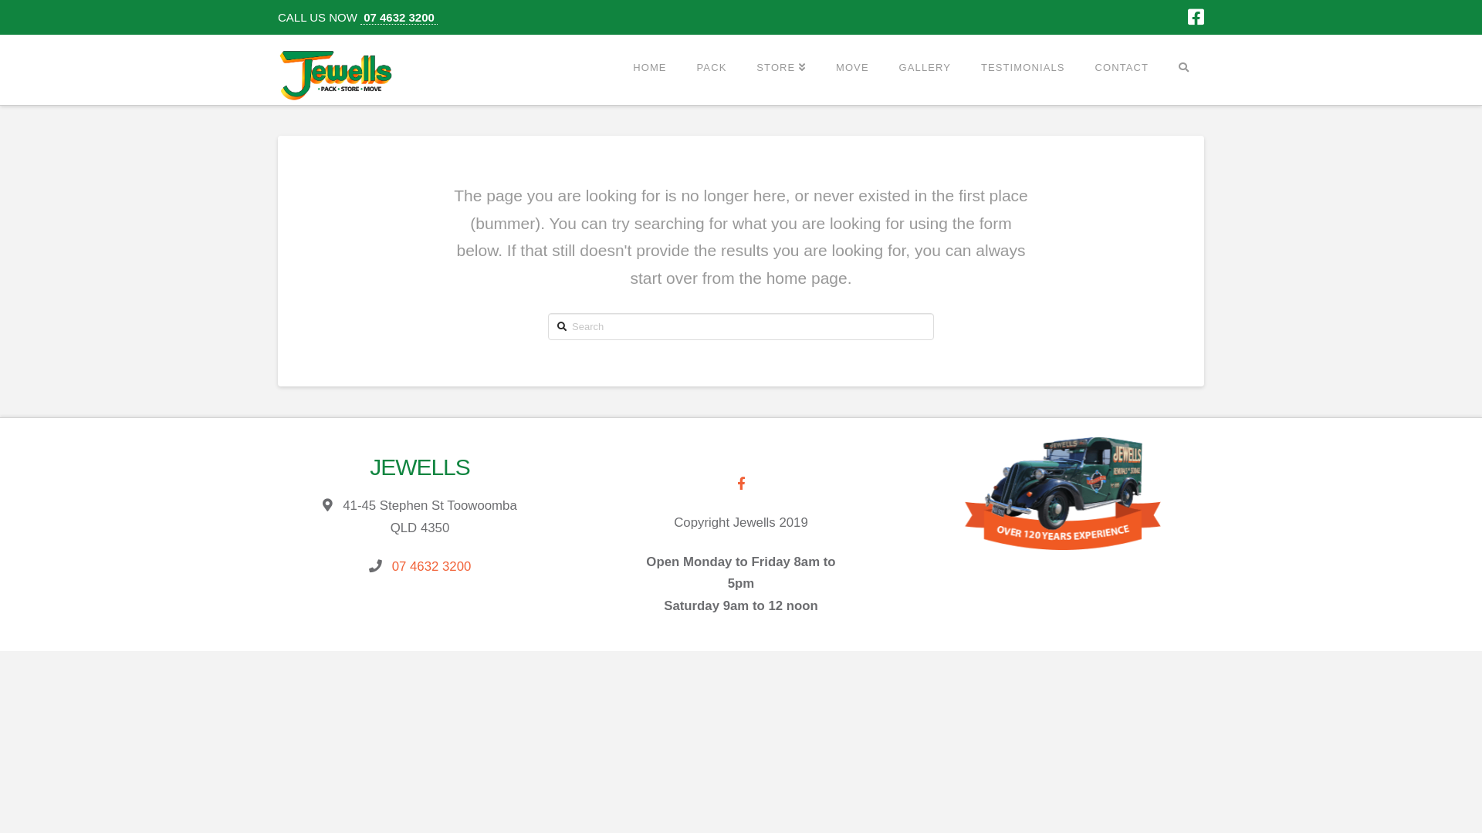  I want to click on 'TESTIMONIALS', so click(965, 66).